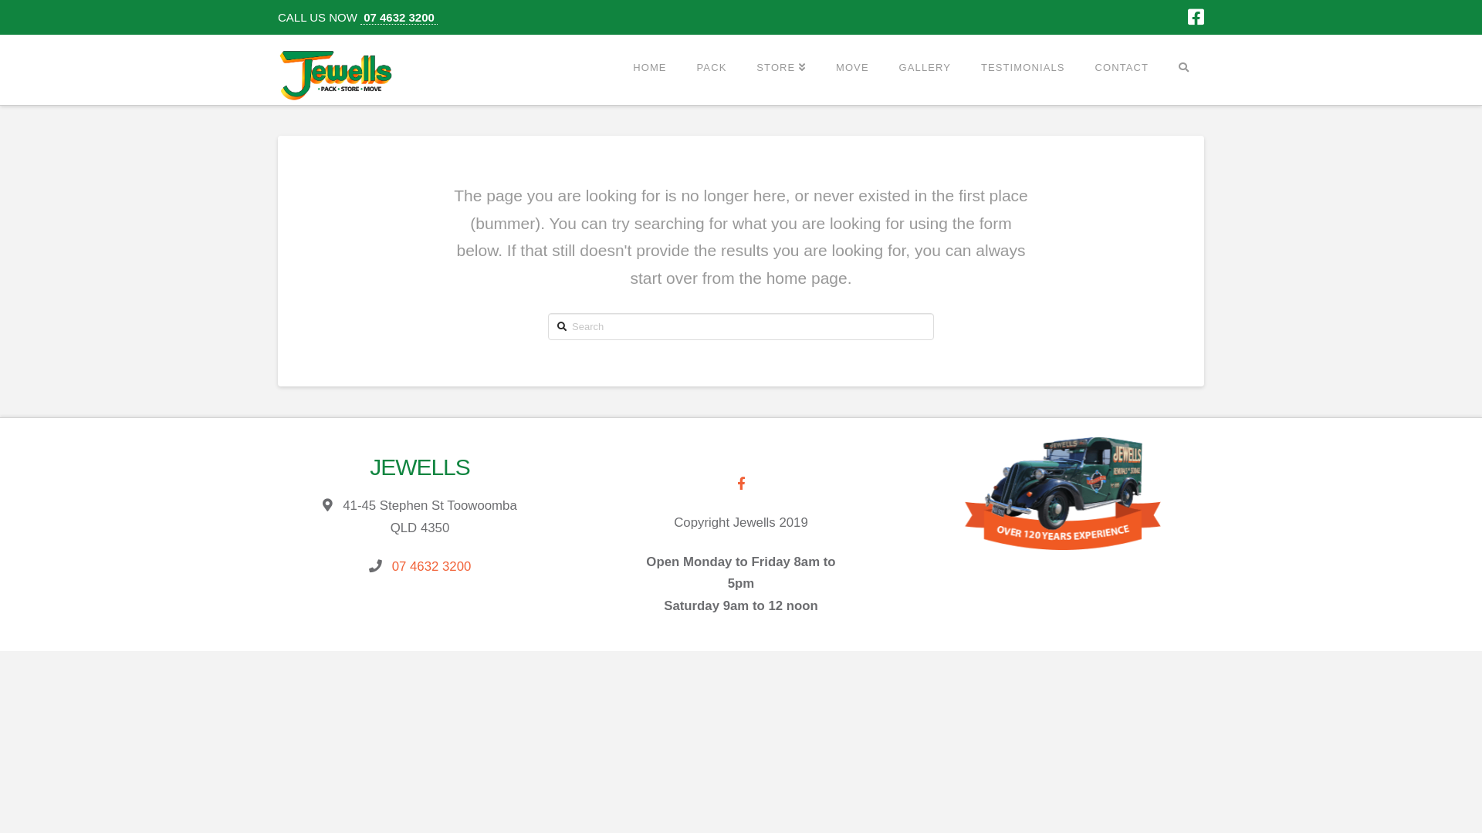  I want to click on 'TESTIMONIALS', so click(965, 66).